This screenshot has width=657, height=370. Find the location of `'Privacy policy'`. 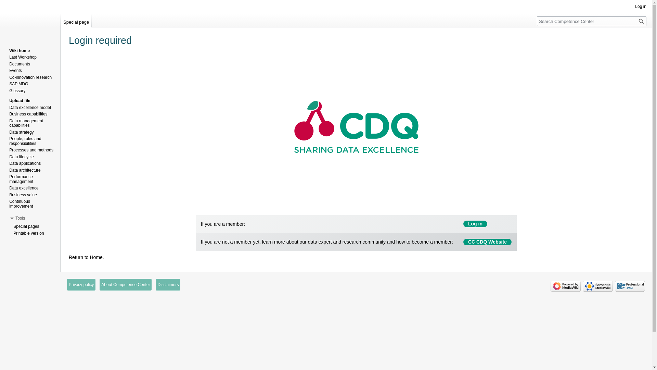

'Privacy policy' is located at coordinates (81, 284).